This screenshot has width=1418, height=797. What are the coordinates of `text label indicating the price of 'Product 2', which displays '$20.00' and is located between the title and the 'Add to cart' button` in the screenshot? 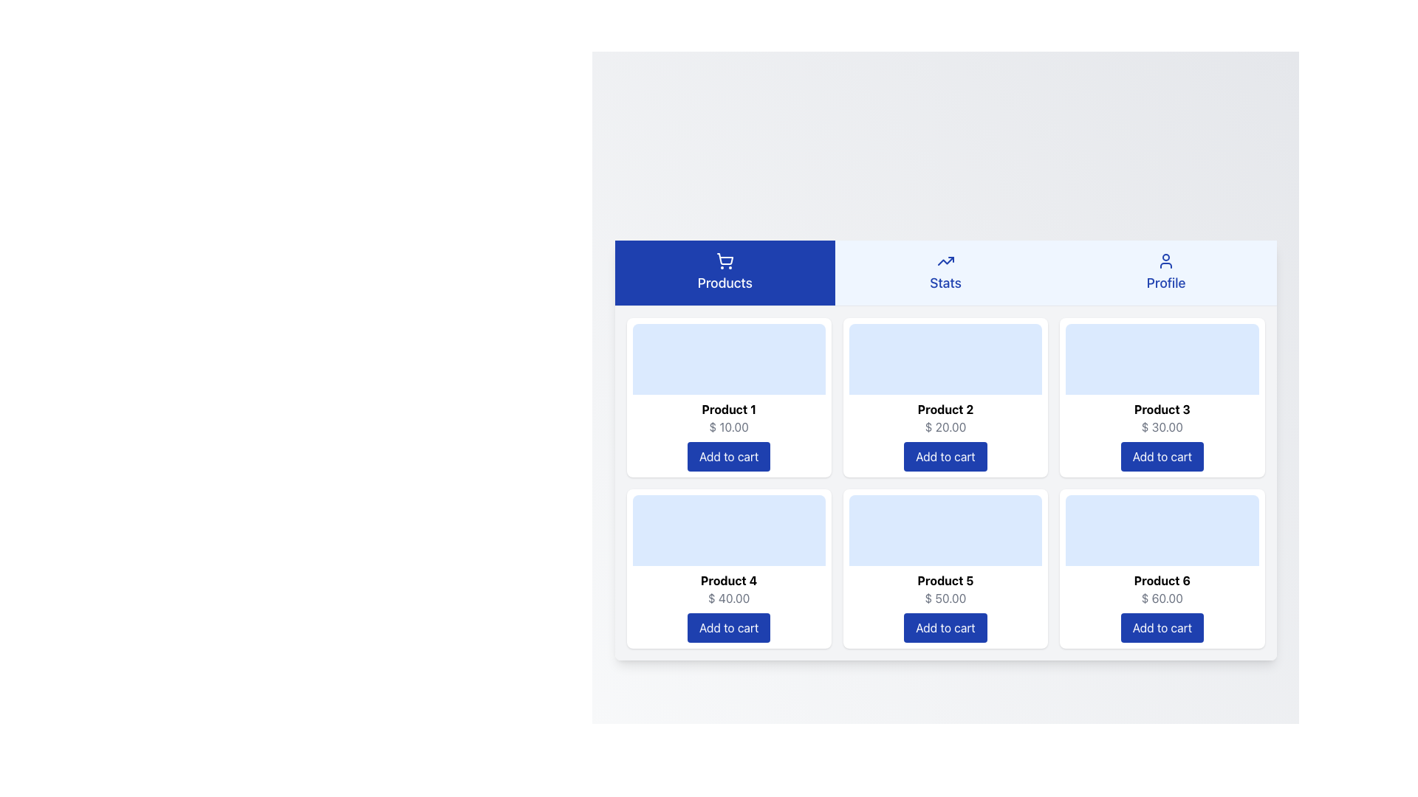 It's located at (945, 427).